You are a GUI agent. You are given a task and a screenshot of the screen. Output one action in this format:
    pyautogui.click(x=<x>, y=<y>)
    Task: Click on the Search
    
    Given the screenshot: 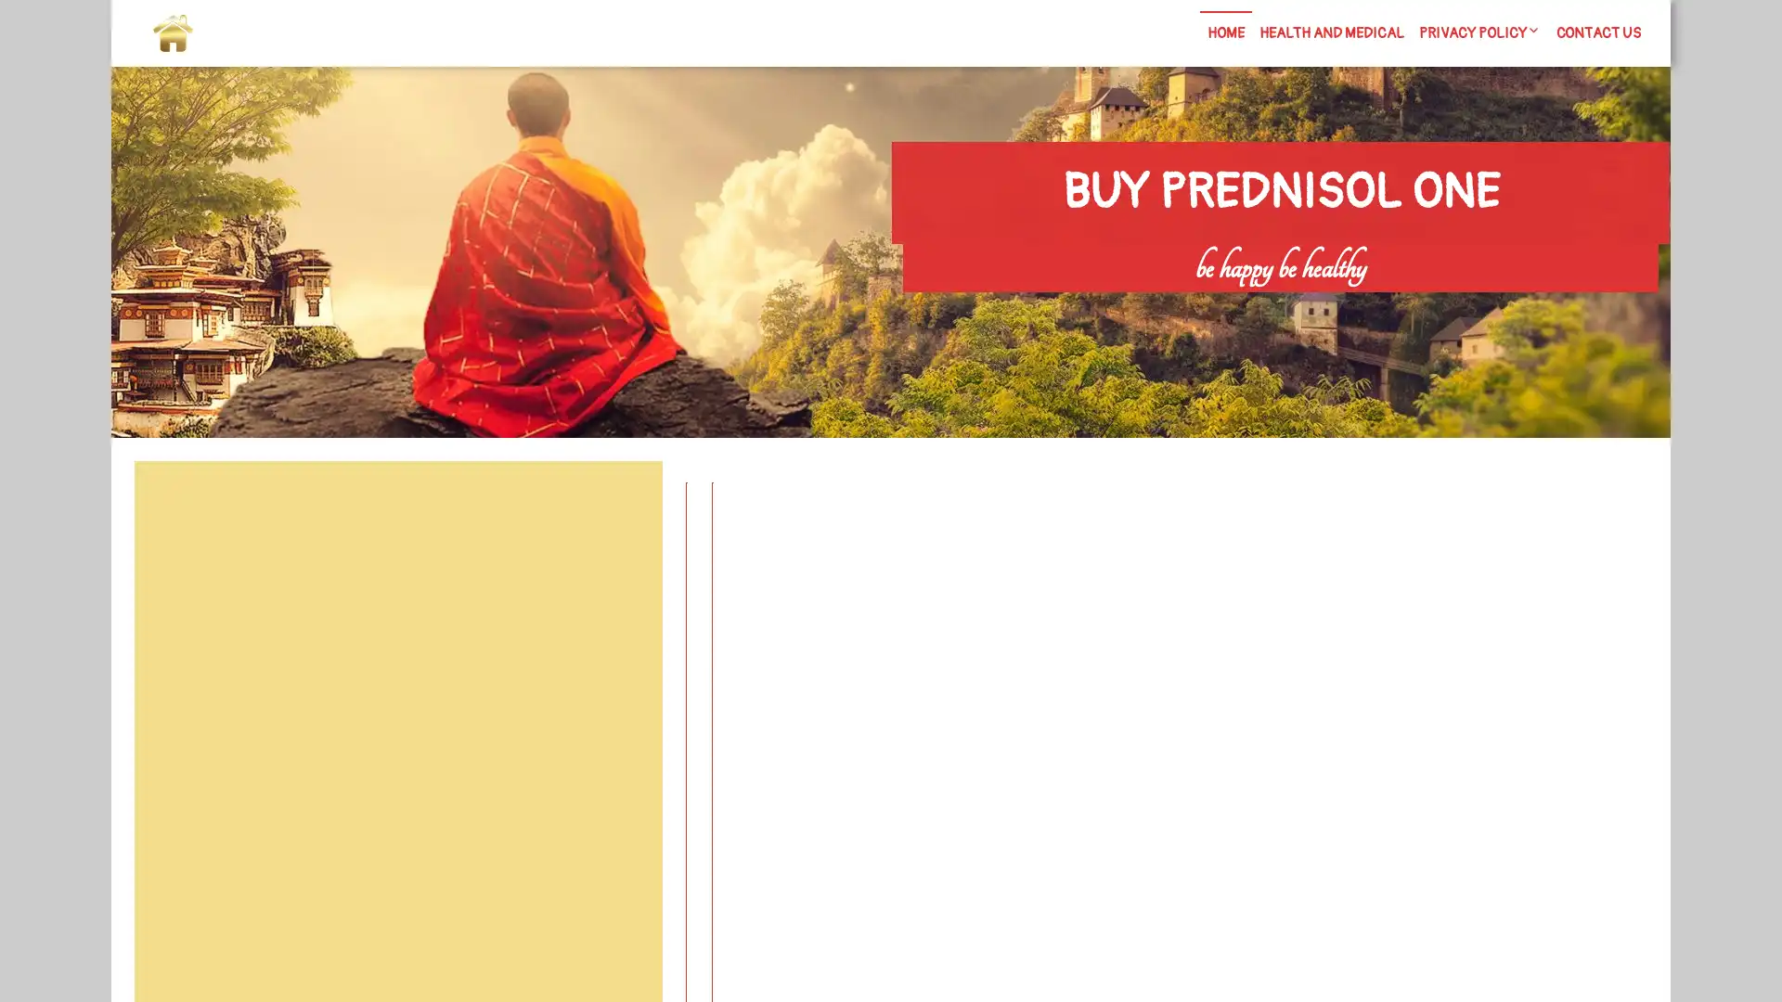 What is the action you would take?
    pyautogui.click(x=1445, y=303)
    